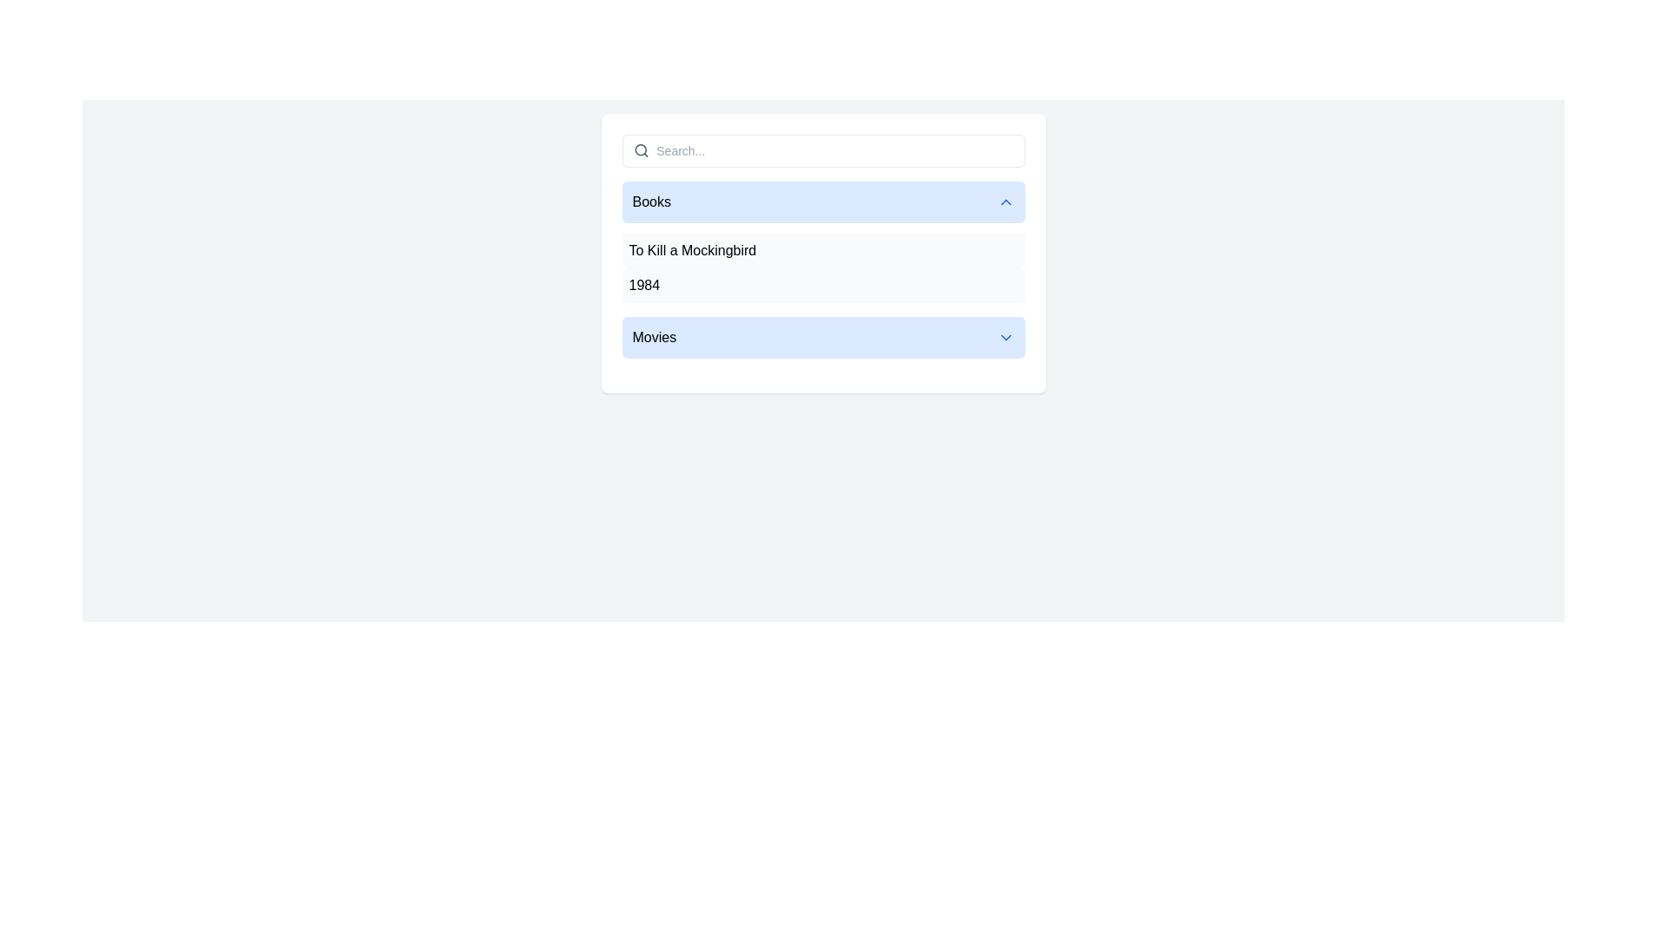 The height and width of the screenshot is (938, 1667). I want to click on the blue upward-pointing chevron icon next to the text 'Books', so click(1005, 201).